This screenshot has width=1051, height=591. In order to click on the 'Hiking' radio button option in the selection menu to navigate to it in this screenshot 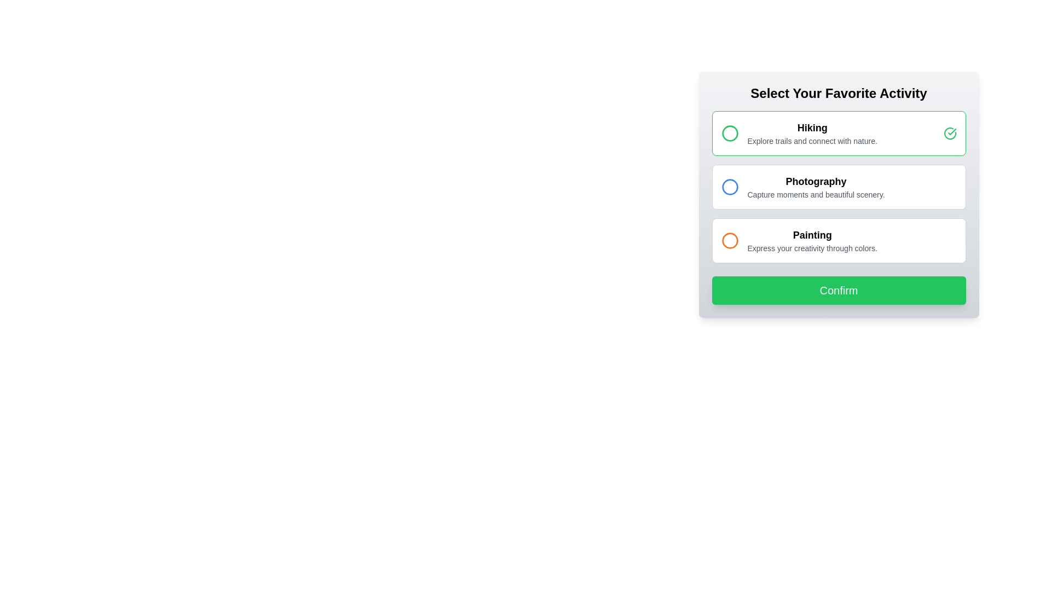, I will do `click(799, 132)`.